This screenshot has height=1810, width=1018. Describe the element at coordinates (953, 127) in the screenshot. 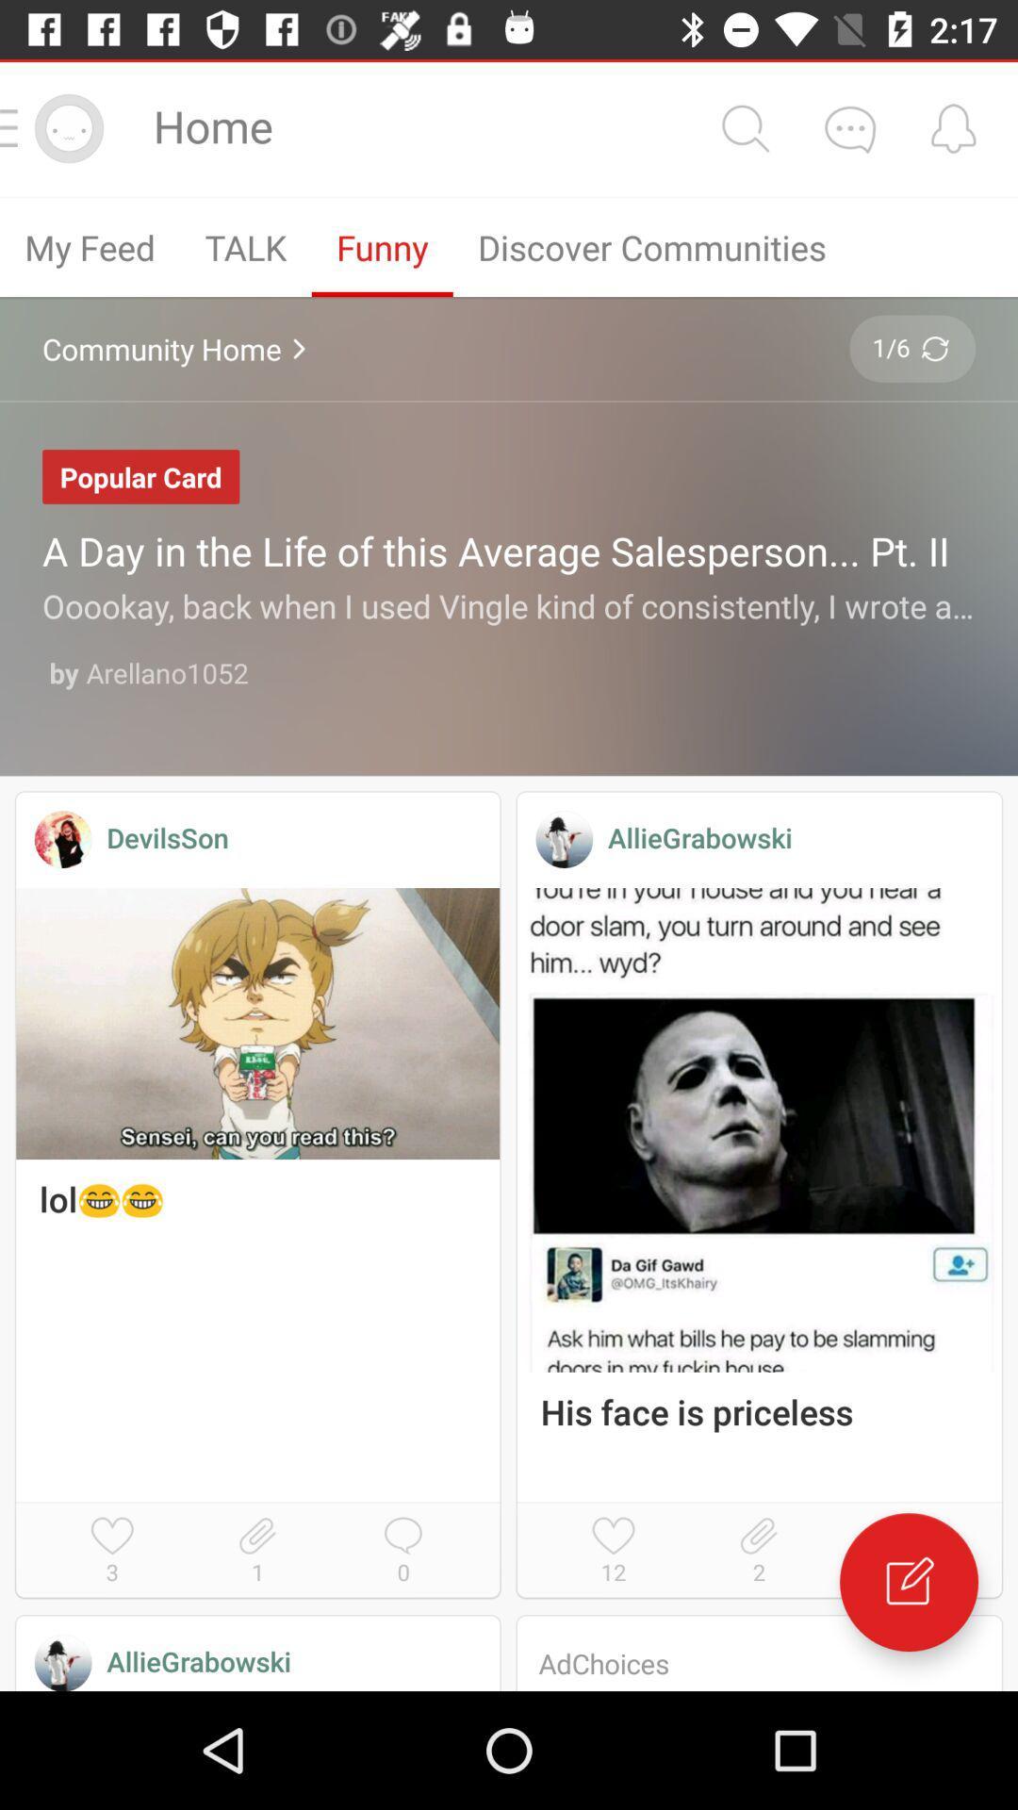

I see `the notifications icon` at that location.